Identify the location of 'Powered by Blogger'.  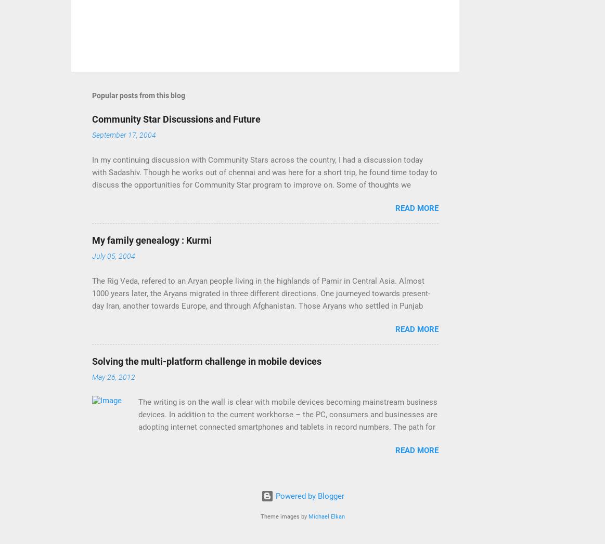
(308, 495).